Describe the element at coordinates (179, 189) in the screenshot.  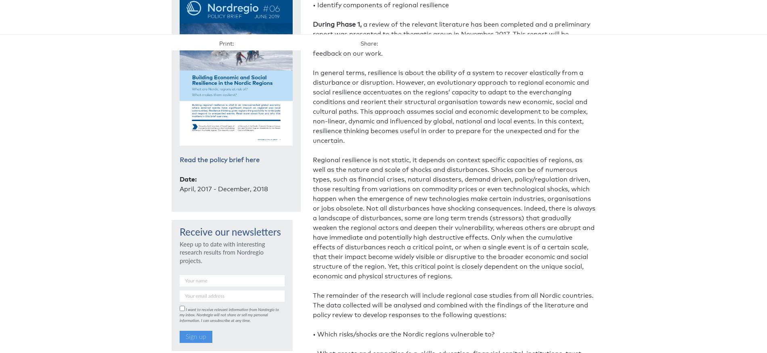
I see `'April, 2017 - December, 2018'` at that location.